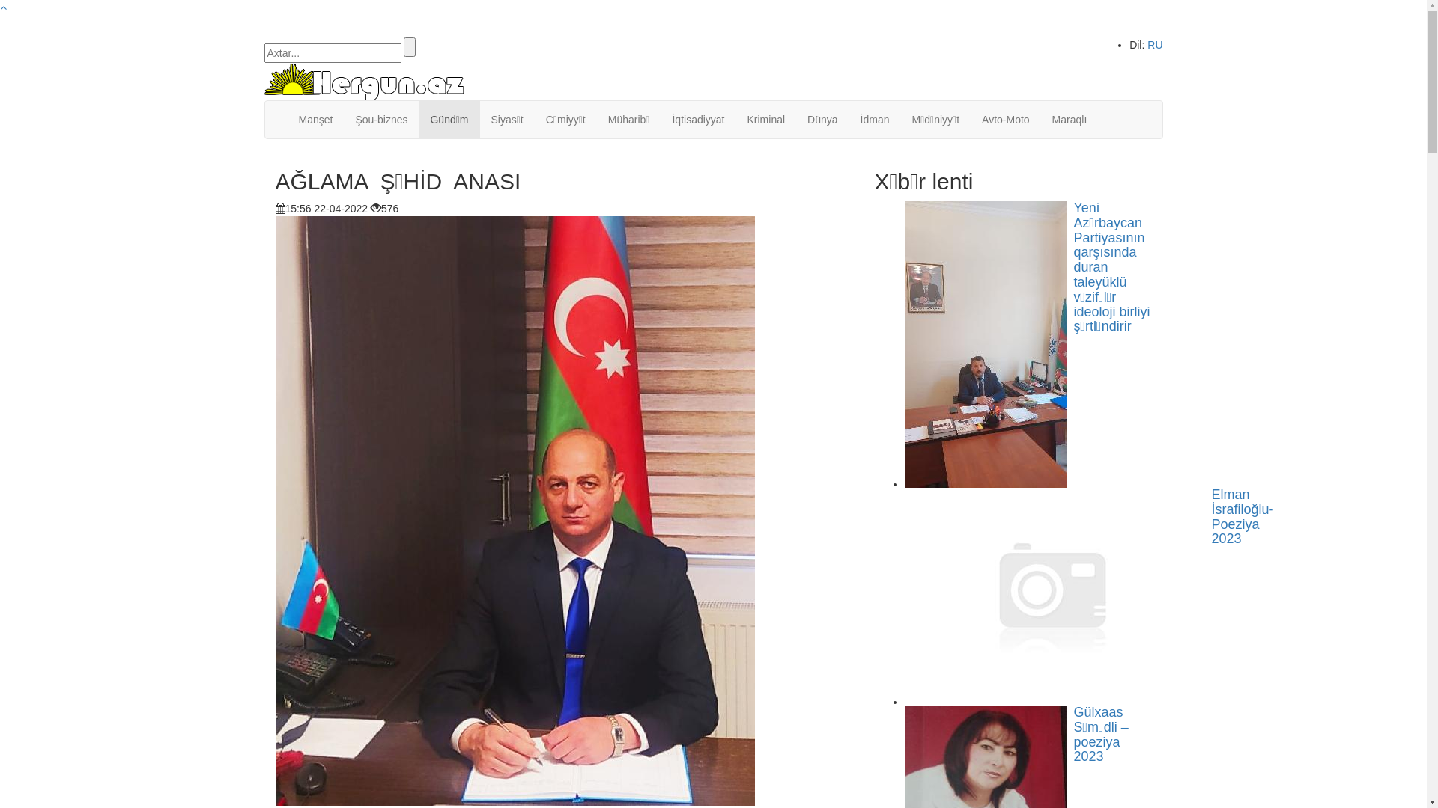 The height and width of the screenshot is (808, 1438). Describe the element at coordinates (1153, 44) in the screenshot. I see `'RU'` at that location.